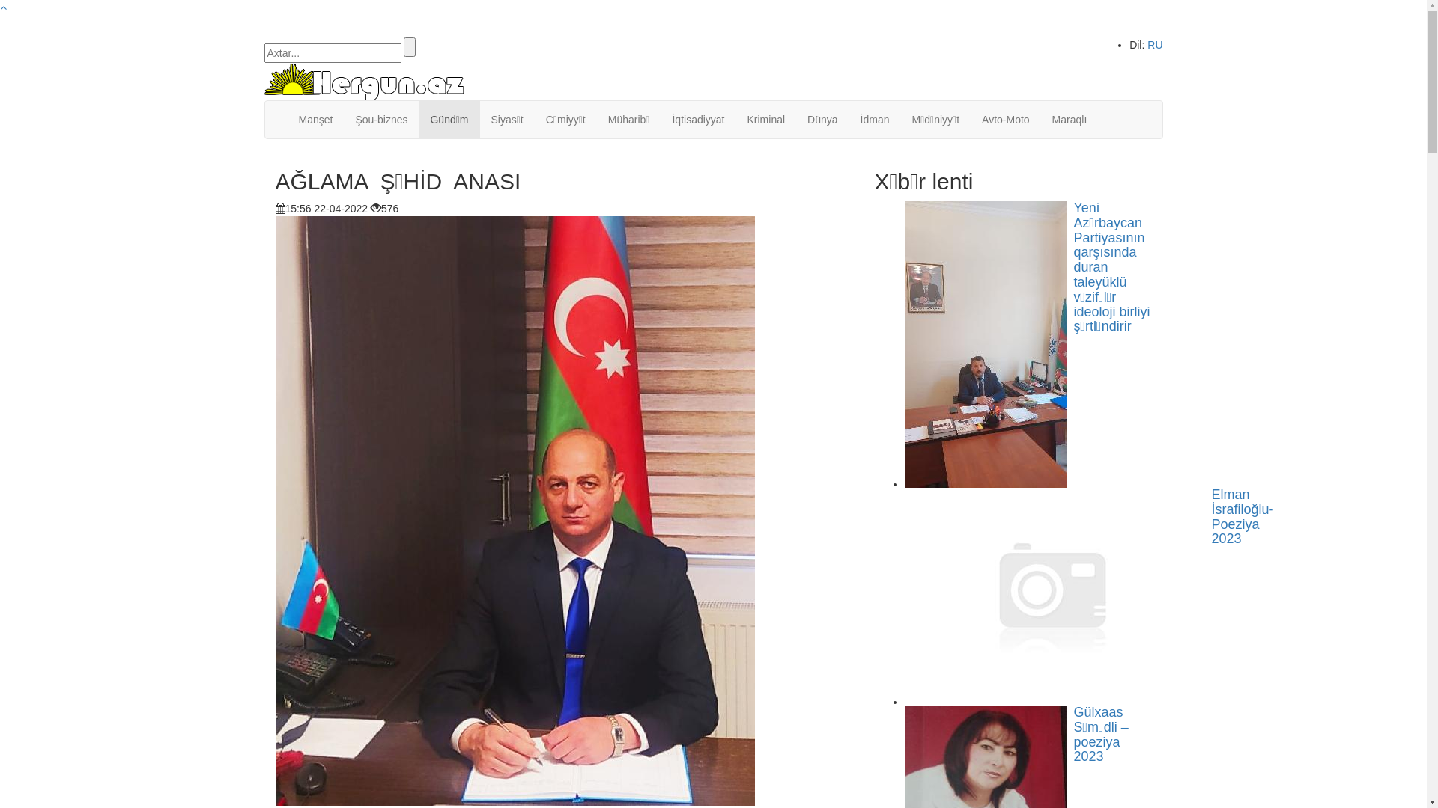 The height and width of the screenshot is (808, 1438). Describe the element at coordinates (1153, 44) in the screenshot. I see `'RU'` at that location.